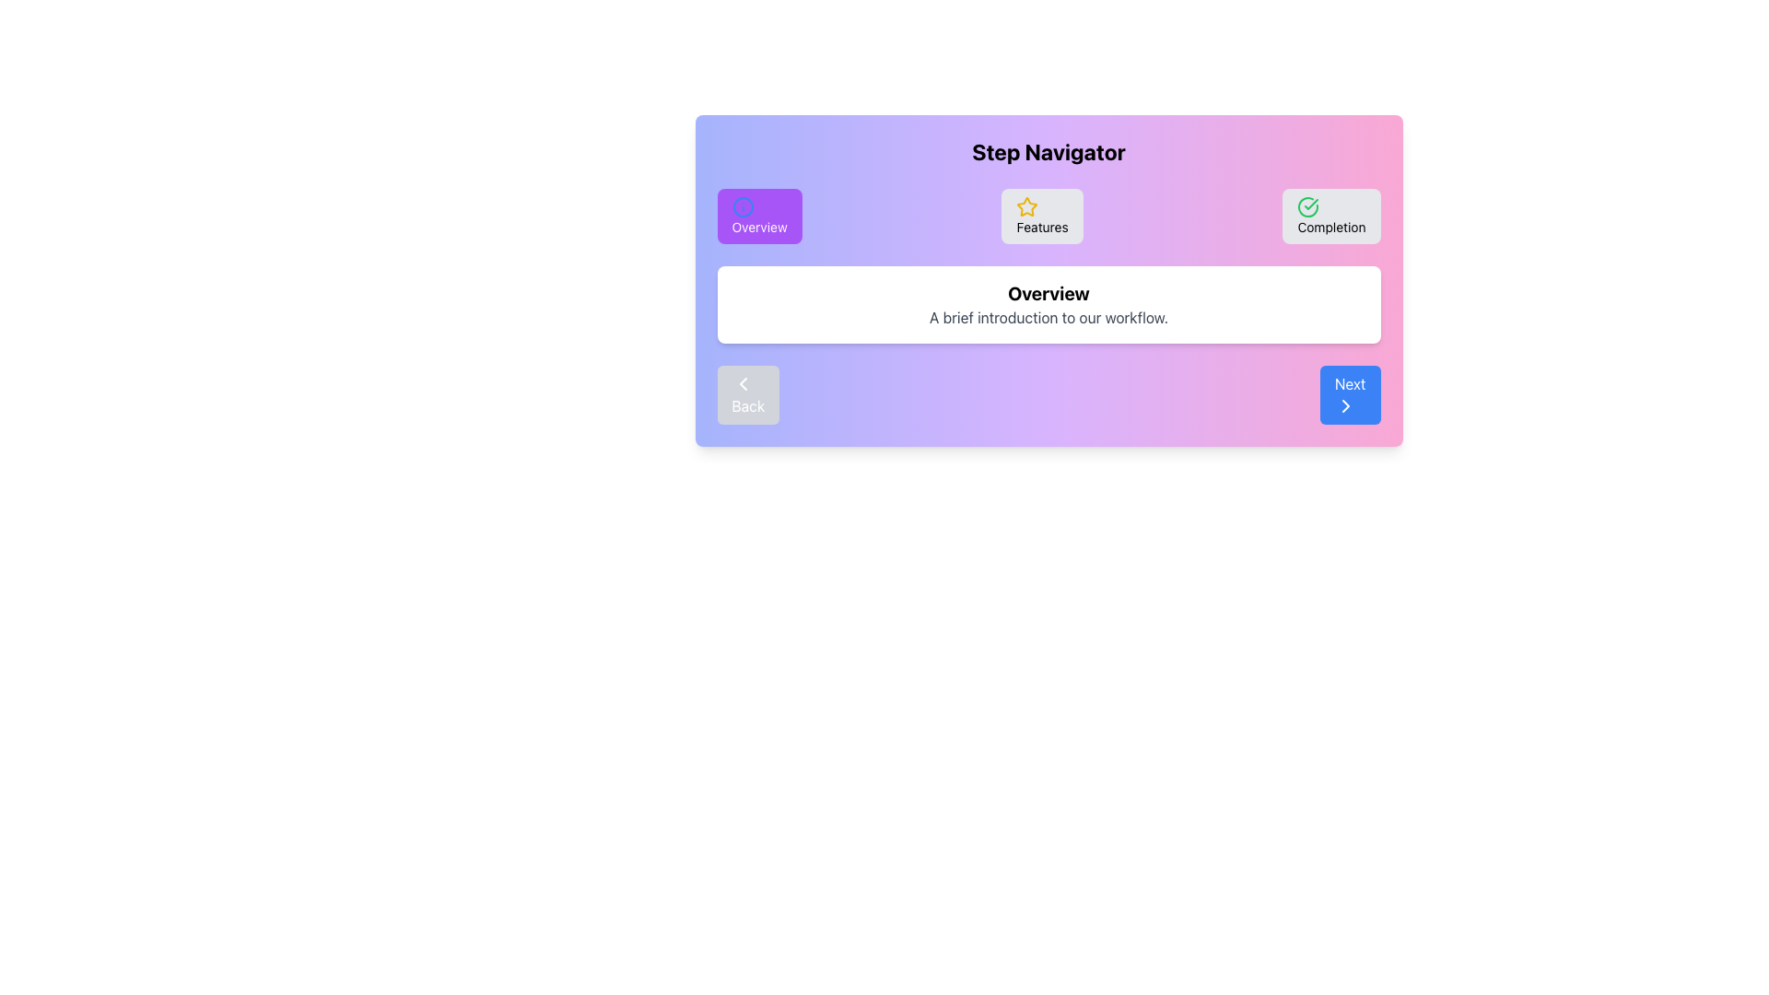  Describe the element at coordinates (1345, 404) in the screenshot. I see `the right-facing chevron icon within the 'Next' button located in the bottom-right corner of the card-style UI` at that location.